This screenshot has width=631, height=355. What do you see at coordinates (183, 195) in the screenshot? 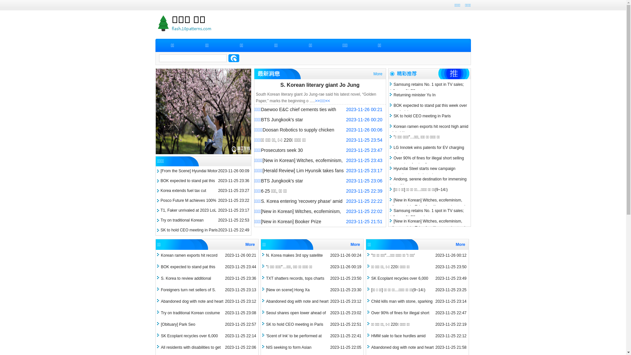
I see `'Korea extends fuel tax cut scheme until year's end'` at bounding box center [183, 195].